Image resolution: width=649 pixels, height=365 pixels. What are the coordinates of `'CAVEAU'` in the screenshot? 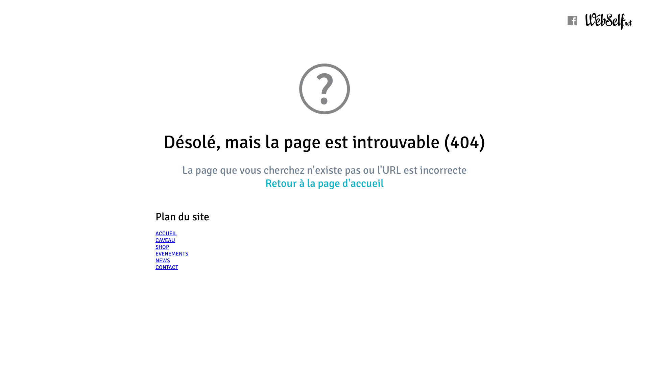 It's located at (165, 240).